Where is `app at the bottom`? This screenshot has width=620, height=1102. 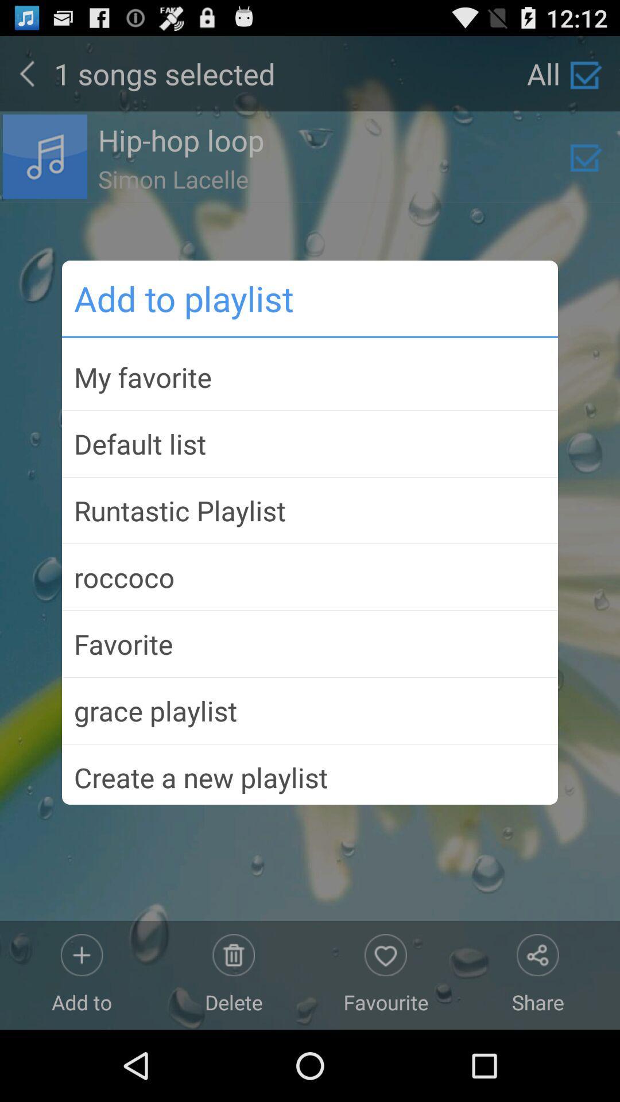 app at the bottom is located at coordinates (310, 773).